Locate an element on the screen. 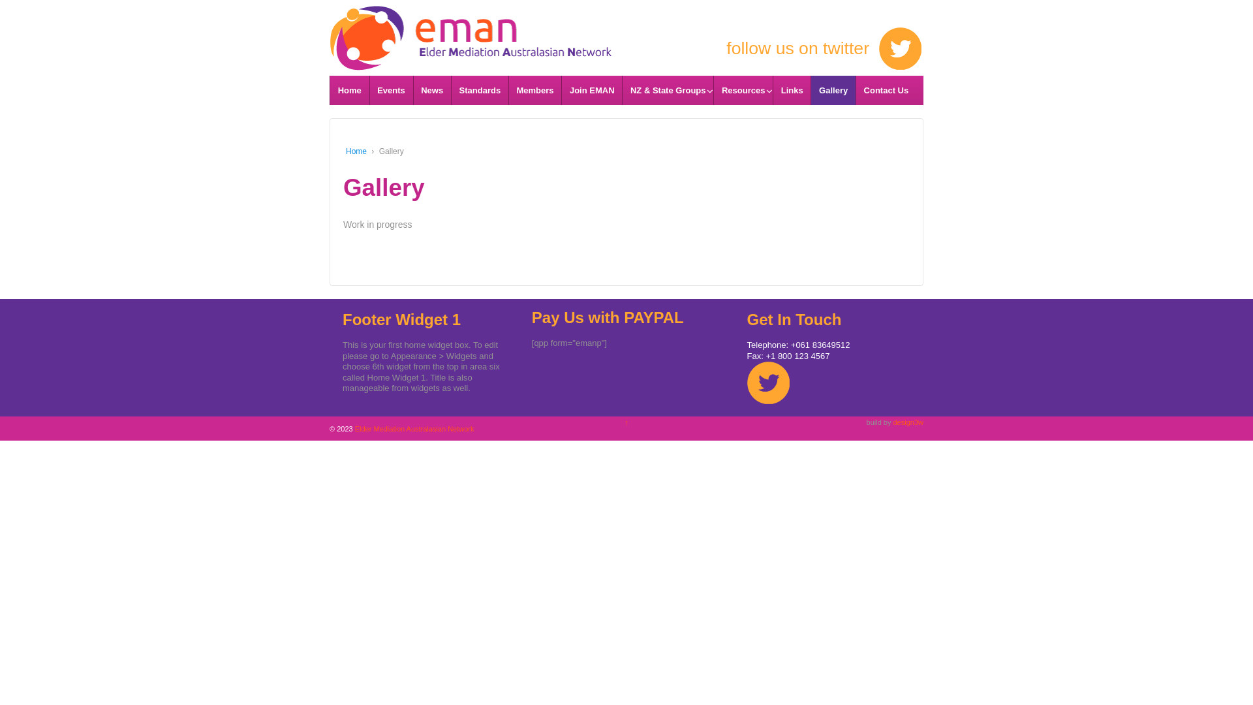  'Home' is located at coordinates (356, 150).